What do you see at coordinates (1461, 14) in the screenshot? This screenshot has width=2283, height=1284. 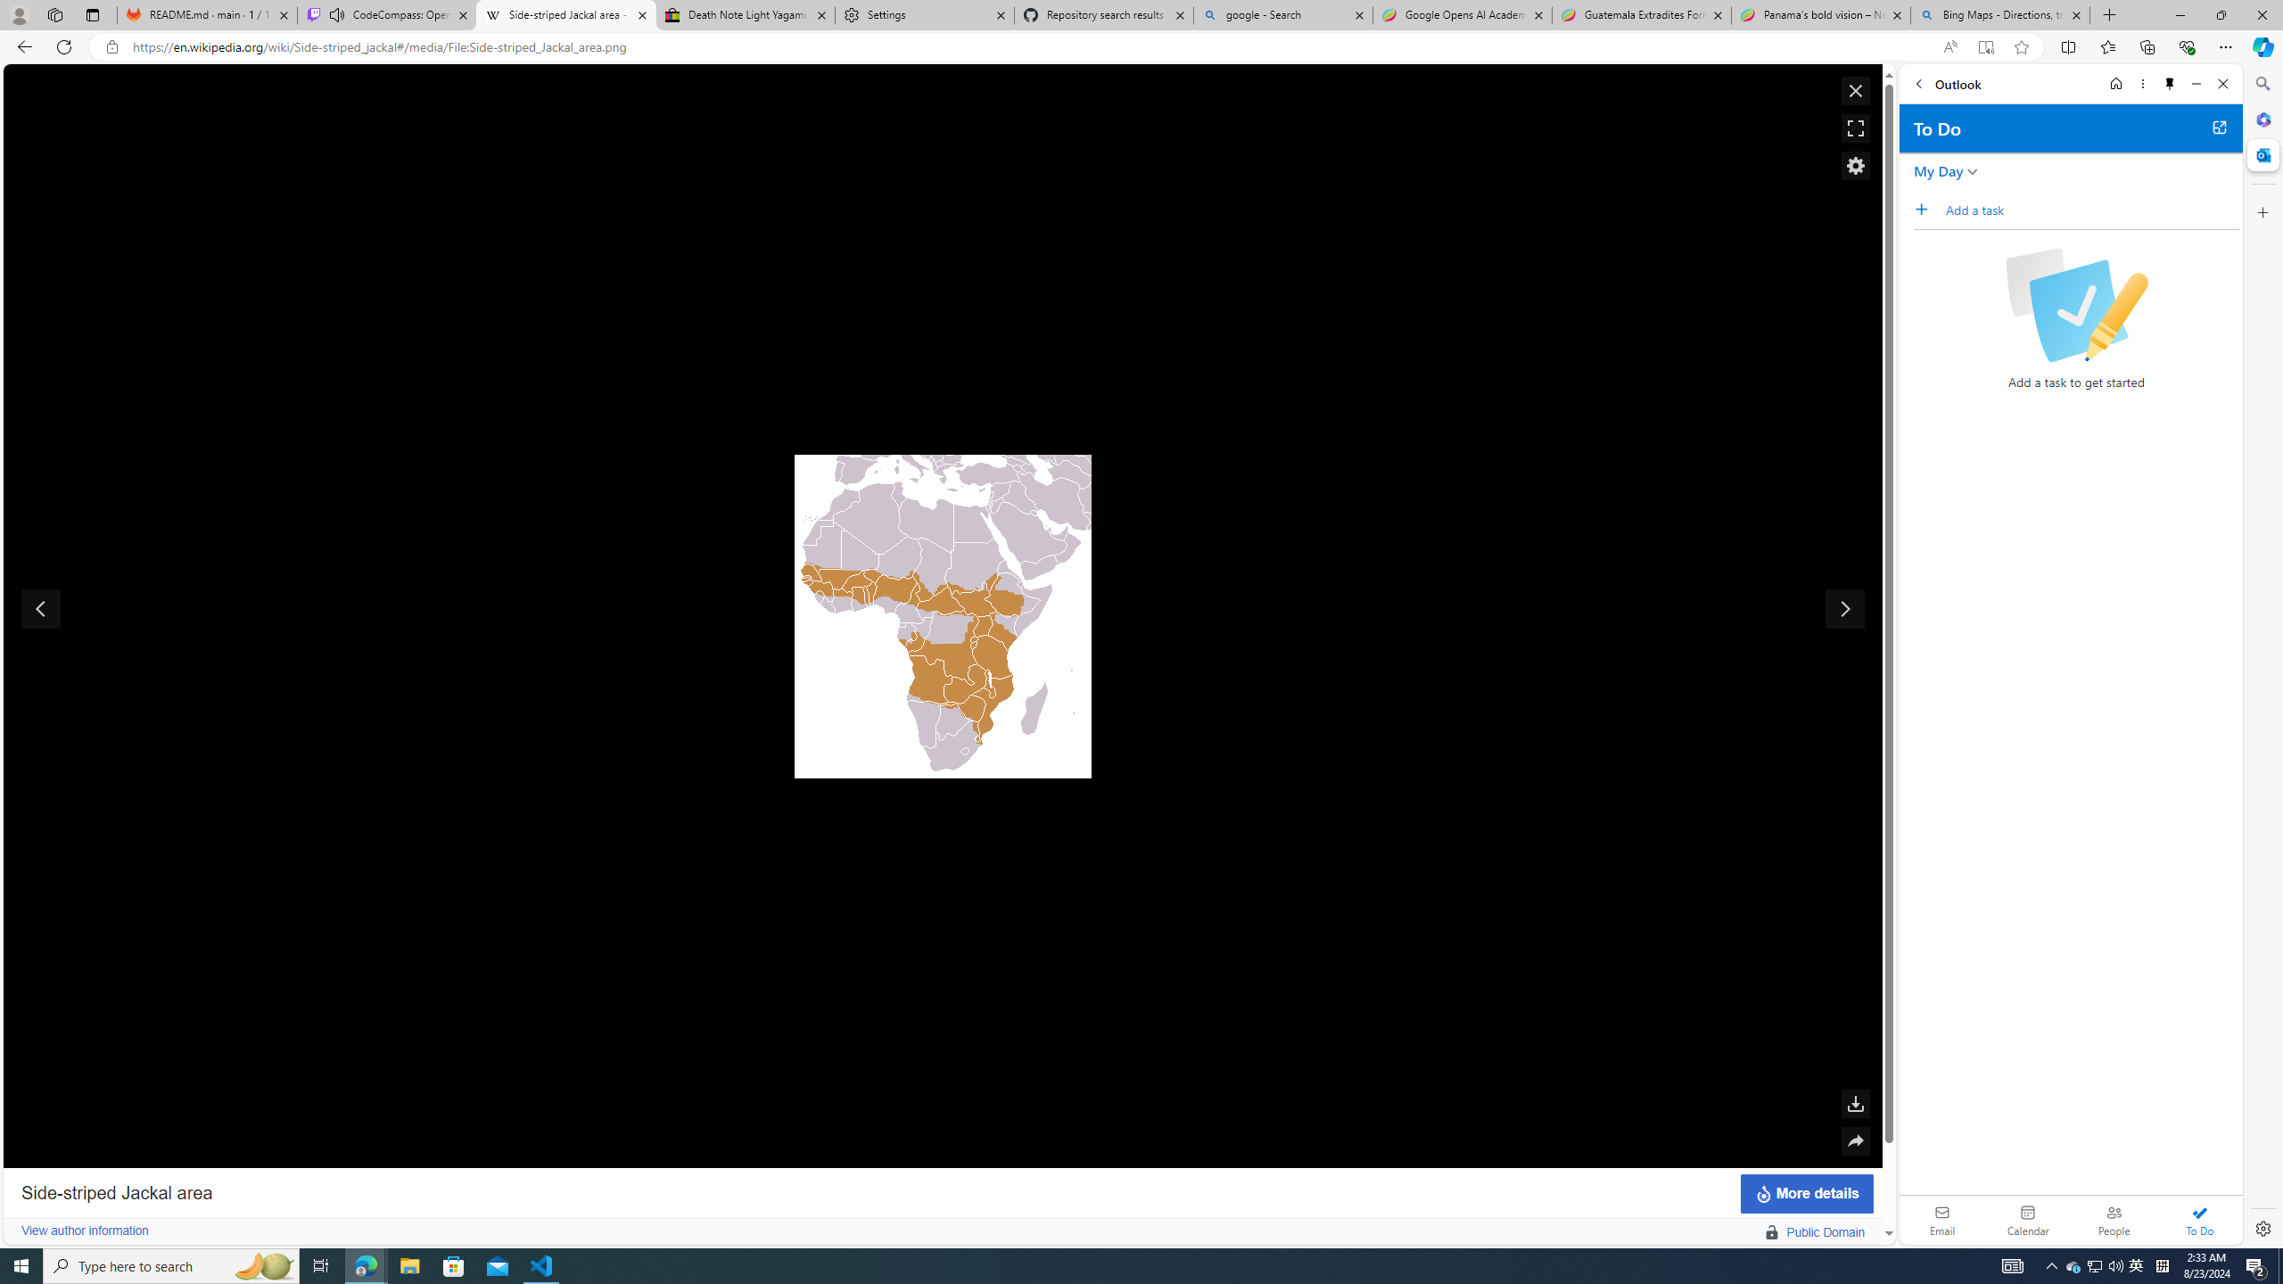 I see `'Google Opens AI Academy for Startups - Nearshore Americas'` at bounding box center [1461, 14].